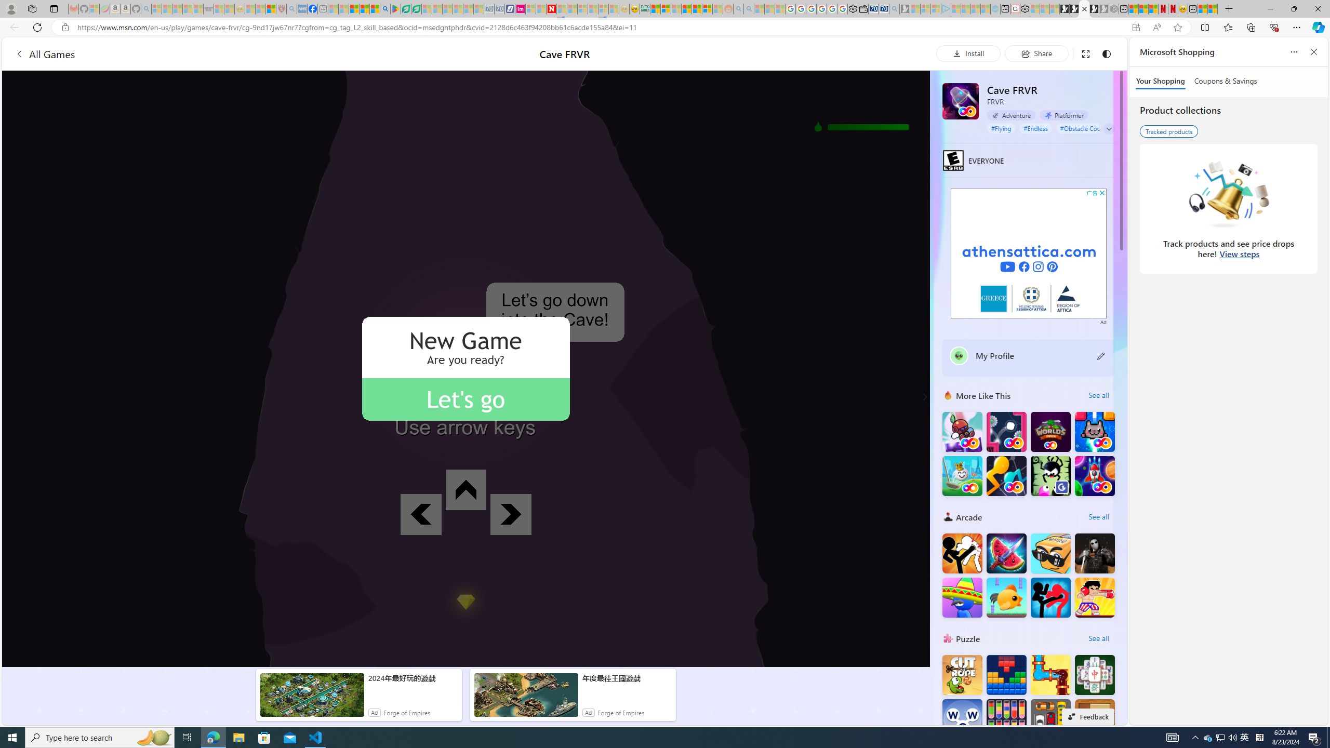 The image size is (1330, 748). Describe the element at coordinates (894, 8) in the screenshot. I see `'Bing Real Estate - Home sales and rental listings - Sleeping'` at that location.